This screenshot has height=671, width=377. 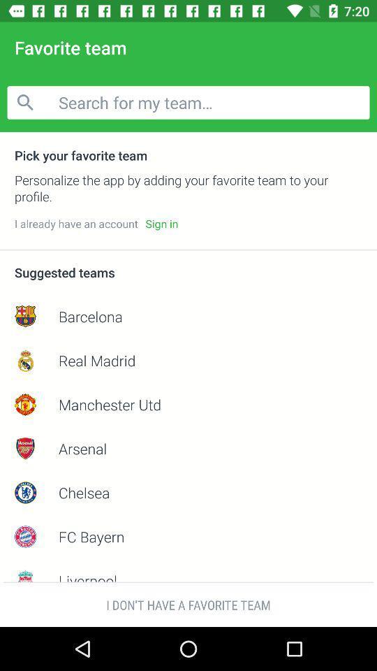 What do you see at coordinates (161, 224) in the screenshot?
I see `the item below the personalize the app item` at bounding box center [161, 224].